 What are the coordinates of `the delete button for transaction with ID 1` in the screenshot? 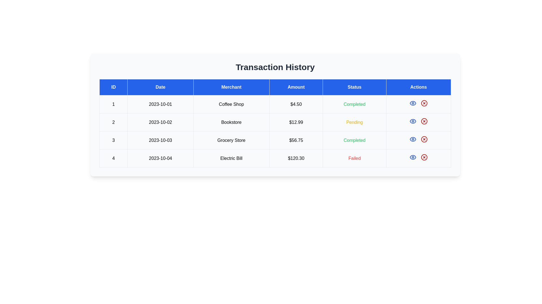 It's located at (424, 103).